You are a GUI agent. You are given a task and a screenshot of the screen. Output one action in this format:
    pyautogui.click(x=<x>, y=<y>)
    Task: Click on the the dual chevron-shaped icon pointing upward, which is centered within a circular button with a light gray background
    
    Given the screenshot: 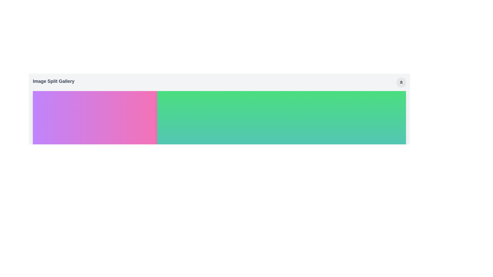 What is the action you would take?
    pyautogui.click(x=401, y=82)
    